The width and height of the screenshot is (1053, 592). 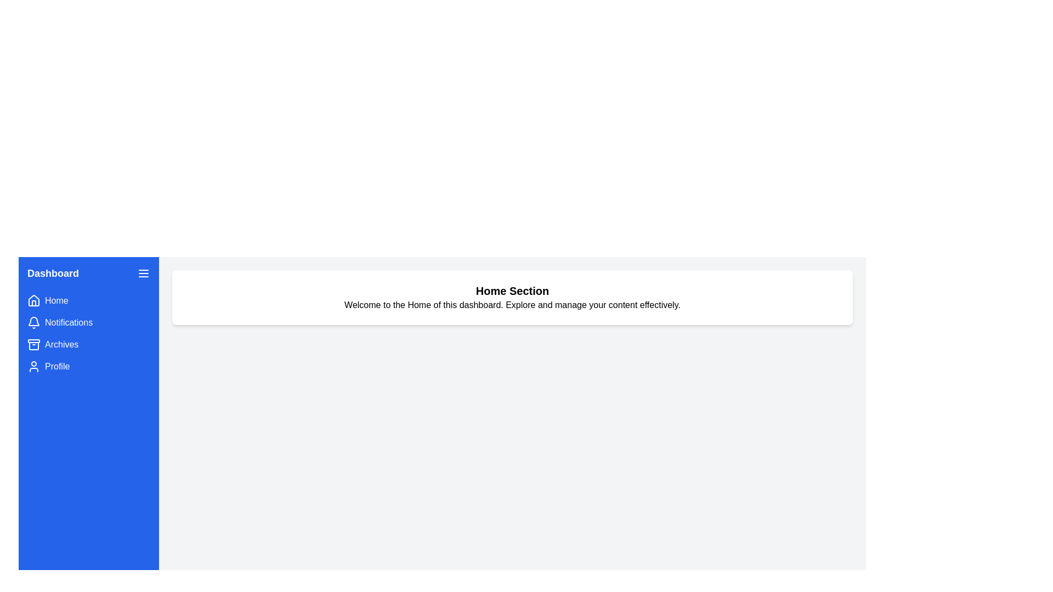 What do you see at coordinates (512, 305) in the screenshot?
I see `the static text content that provides an introductory message in the 'Home Section' of the dashboard` at bounding box center [512, 305].